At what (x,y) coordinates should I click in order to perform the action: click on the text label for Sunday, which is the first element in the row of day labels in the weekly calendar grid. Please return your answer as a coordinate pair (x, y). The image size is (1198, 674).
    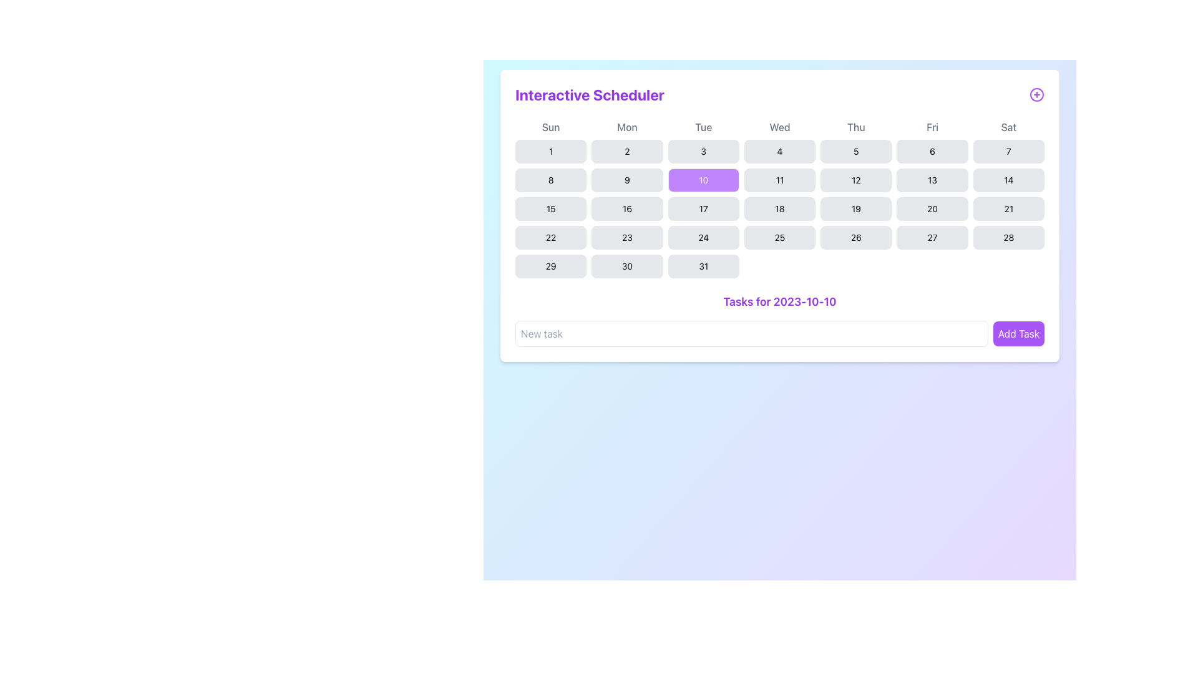
    Looking at the image, I should click on (550, 127).